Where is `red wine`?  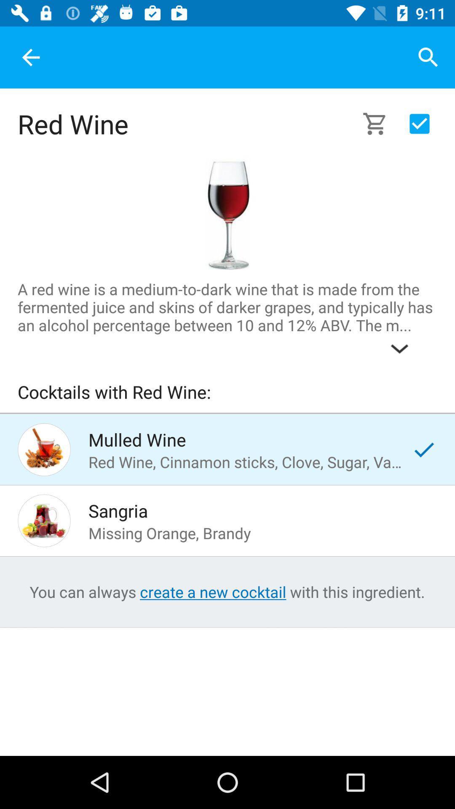
red wine is located at coordinates (227, 214).